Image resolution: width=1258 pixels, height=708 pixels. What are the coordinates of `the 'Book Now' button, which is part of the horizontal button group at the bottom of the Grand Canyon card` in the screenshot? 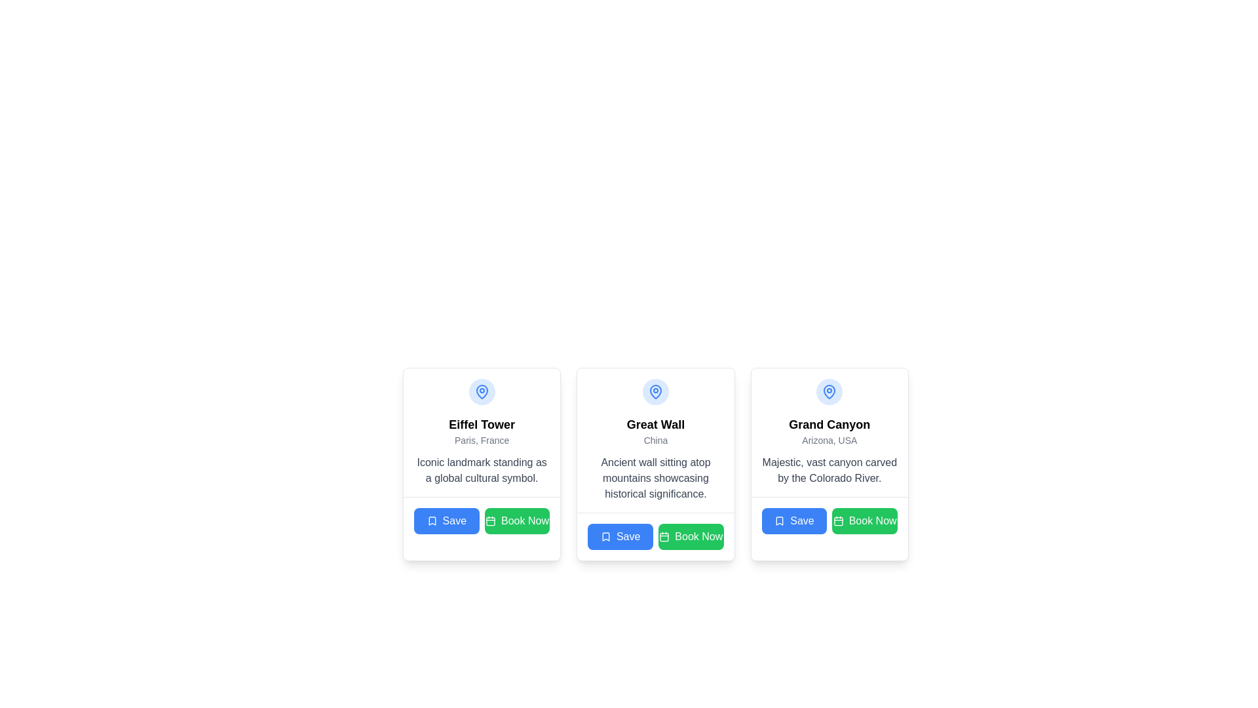 It's located at (829, 520).